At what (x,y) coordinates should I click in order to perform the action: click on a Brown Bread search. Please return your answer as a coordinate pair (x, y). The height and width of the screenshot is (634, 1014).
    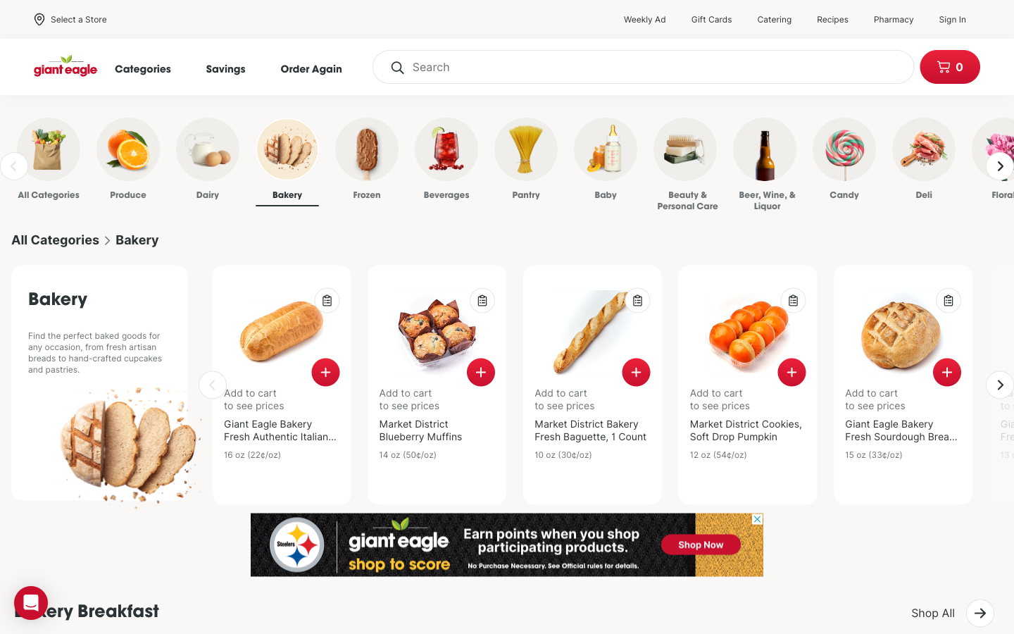
    Looking at the image, I should click on (643, 66).